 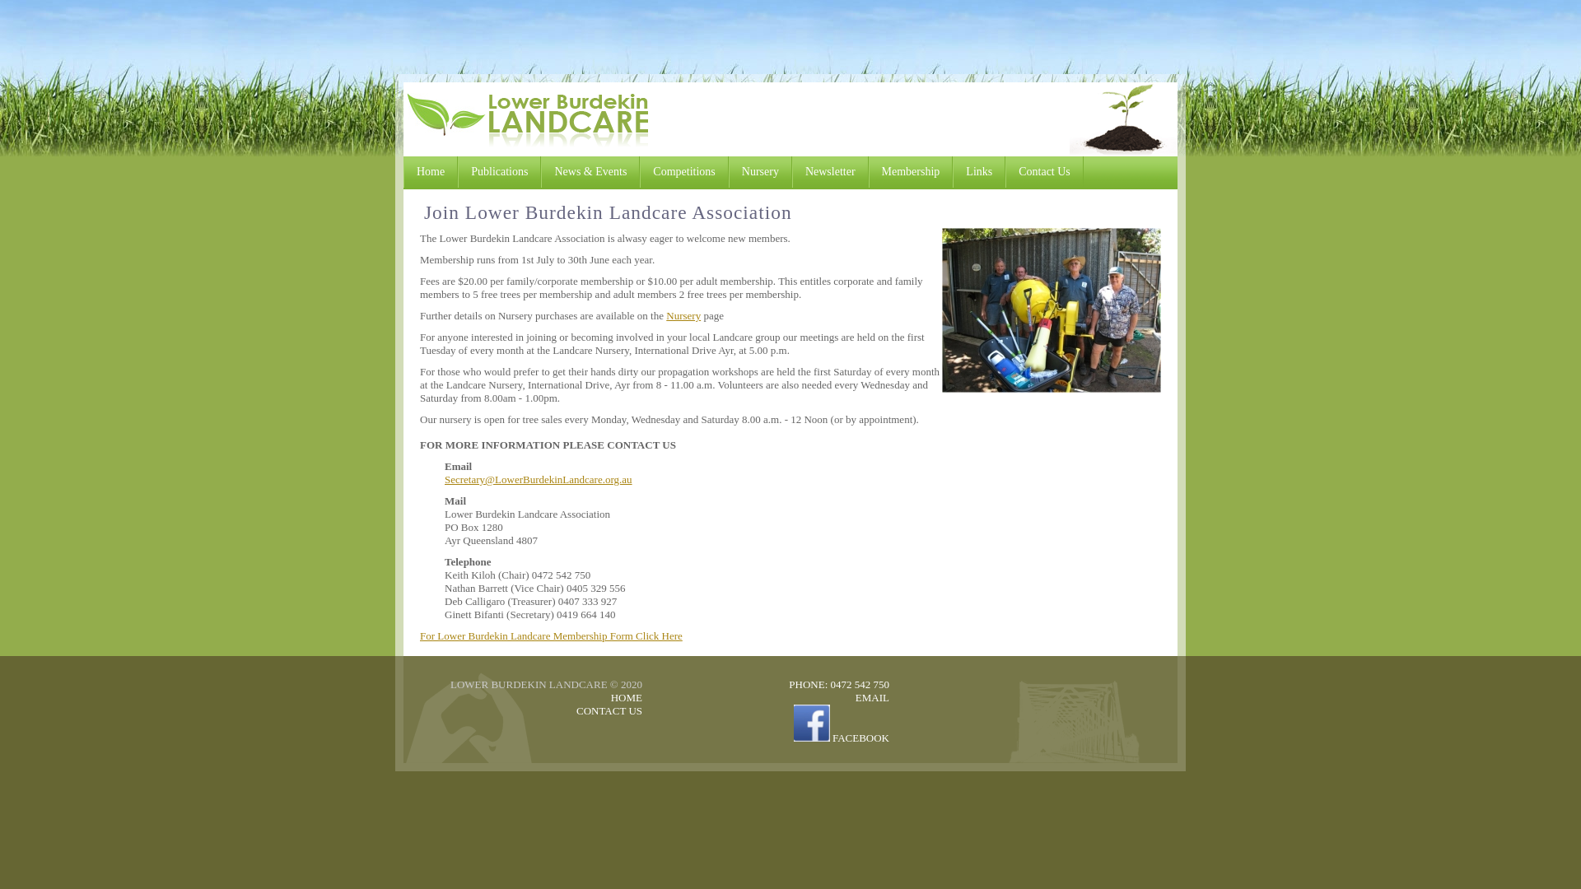 I want to click on 'PHONE: 0472 542 750', so click(x=838, y=684).